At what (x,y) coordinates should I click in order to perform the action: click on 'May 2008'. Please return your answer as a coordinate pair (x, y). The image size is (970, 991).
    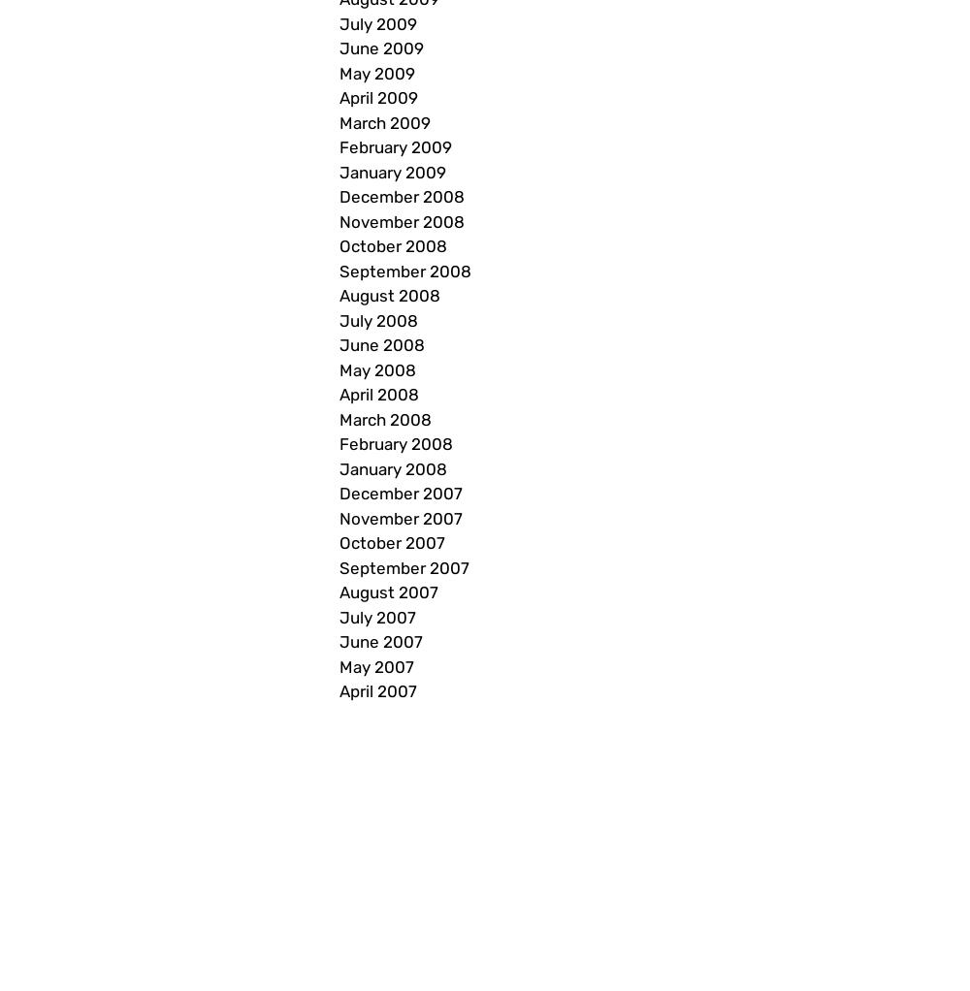
    Looking at the image, I should click on (377, 368).